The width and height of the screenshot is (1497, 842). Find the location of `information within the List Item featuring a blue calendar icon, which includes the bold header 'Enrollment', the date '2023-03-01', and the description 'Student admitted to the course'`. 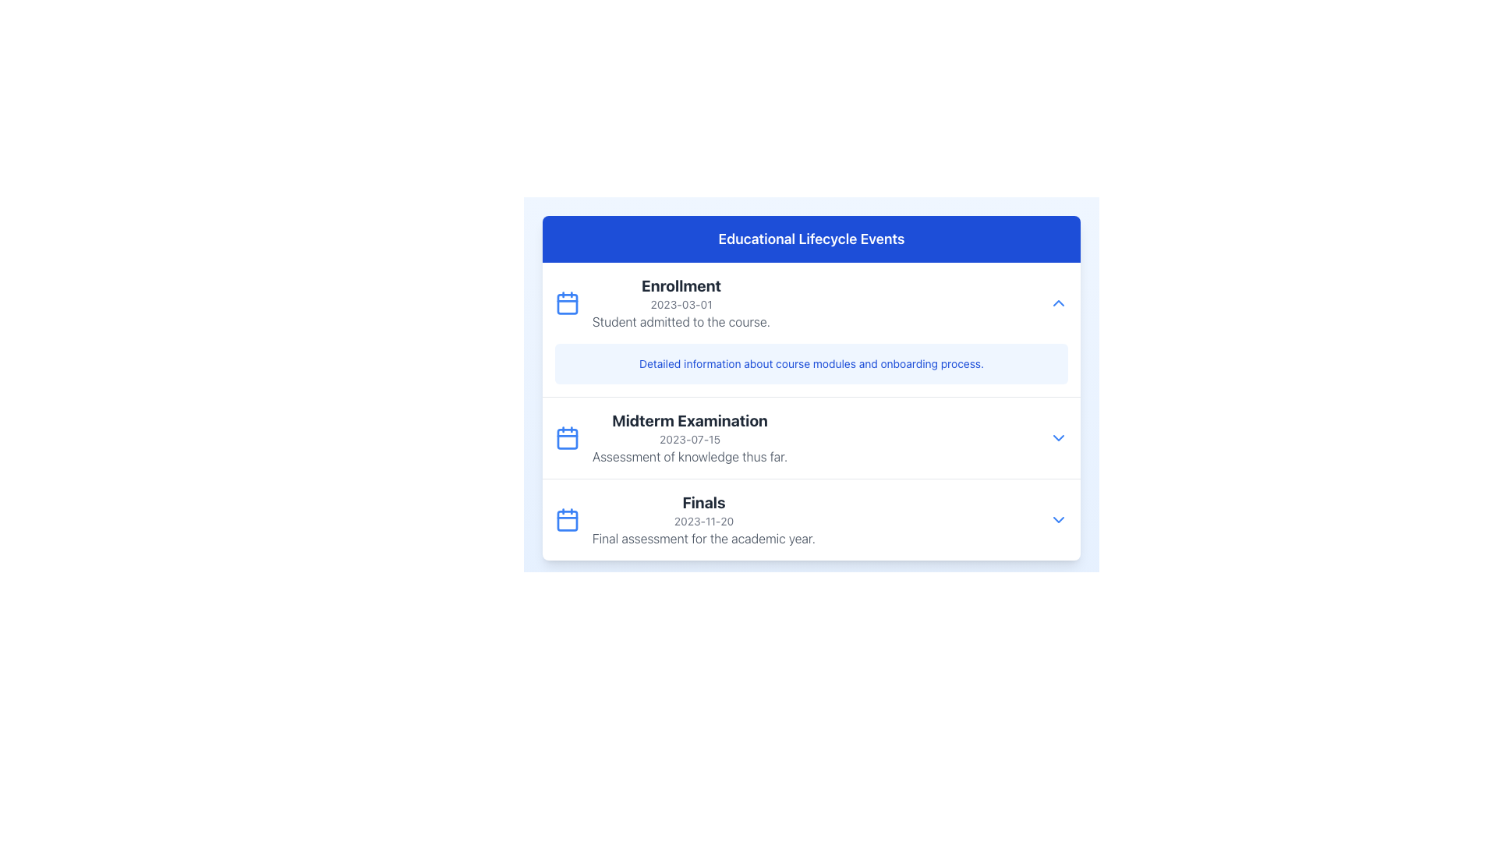

information within the List Item featuring a blue calendar icon, which includes the bold header 'Enrollment', the date '2023-03-01', and the description 'Student admitted to the course' is located at coordinates (662, 303).